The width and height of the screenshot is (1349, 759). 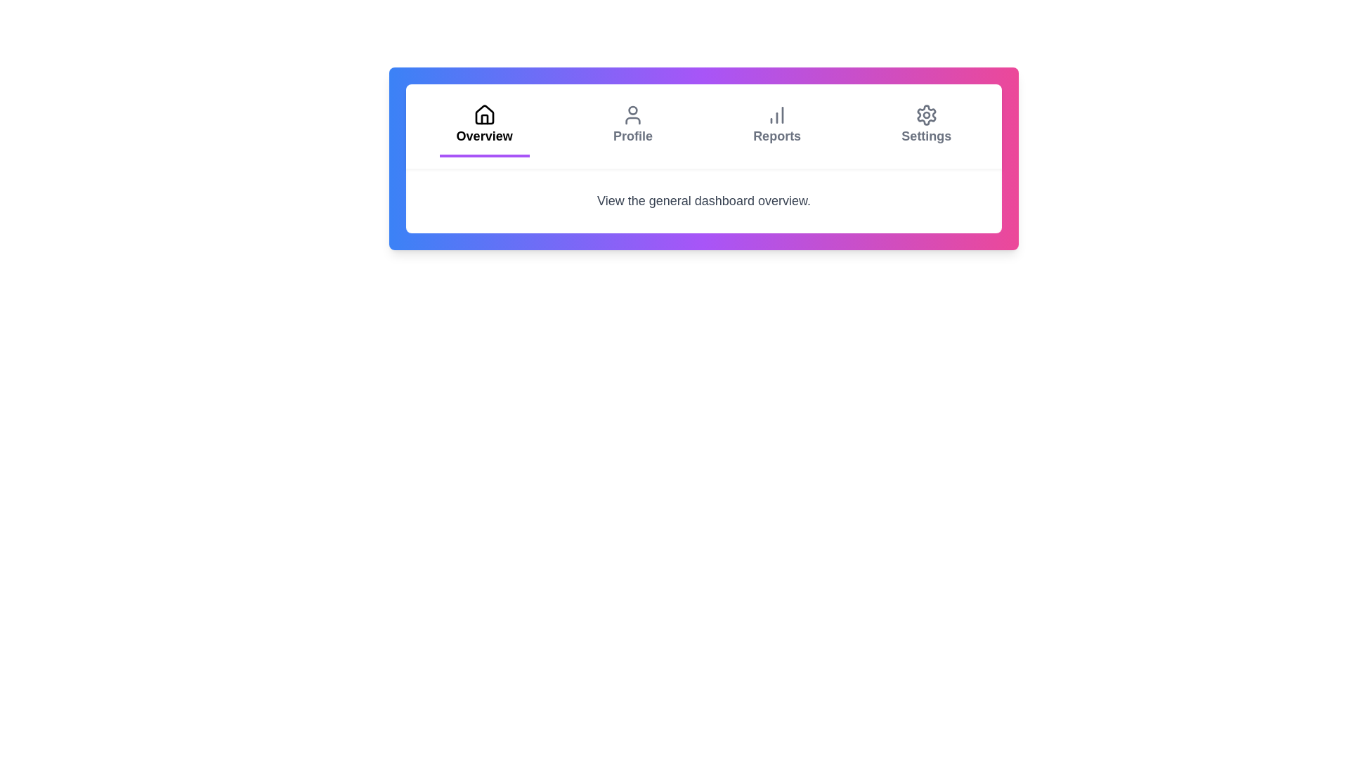 What do you see at coordinates (632, 126) in the screenshot?
I see `the 'Profile' button, which features a centered user icon above the text label 'Profile'` at bounding box center [632, 126].